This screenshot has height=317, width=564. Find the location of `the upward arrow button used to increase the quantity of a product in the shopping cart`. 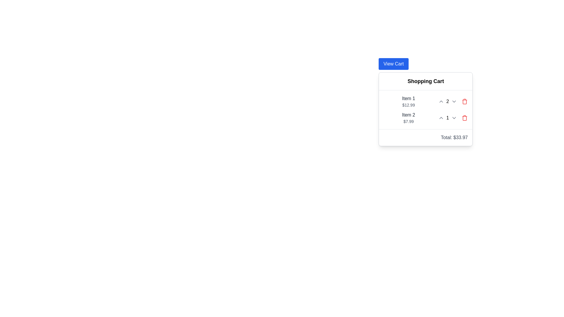

the upward arrow button used to increase the quantity of a product in the shopping cart is located at coordinates (441, 101).